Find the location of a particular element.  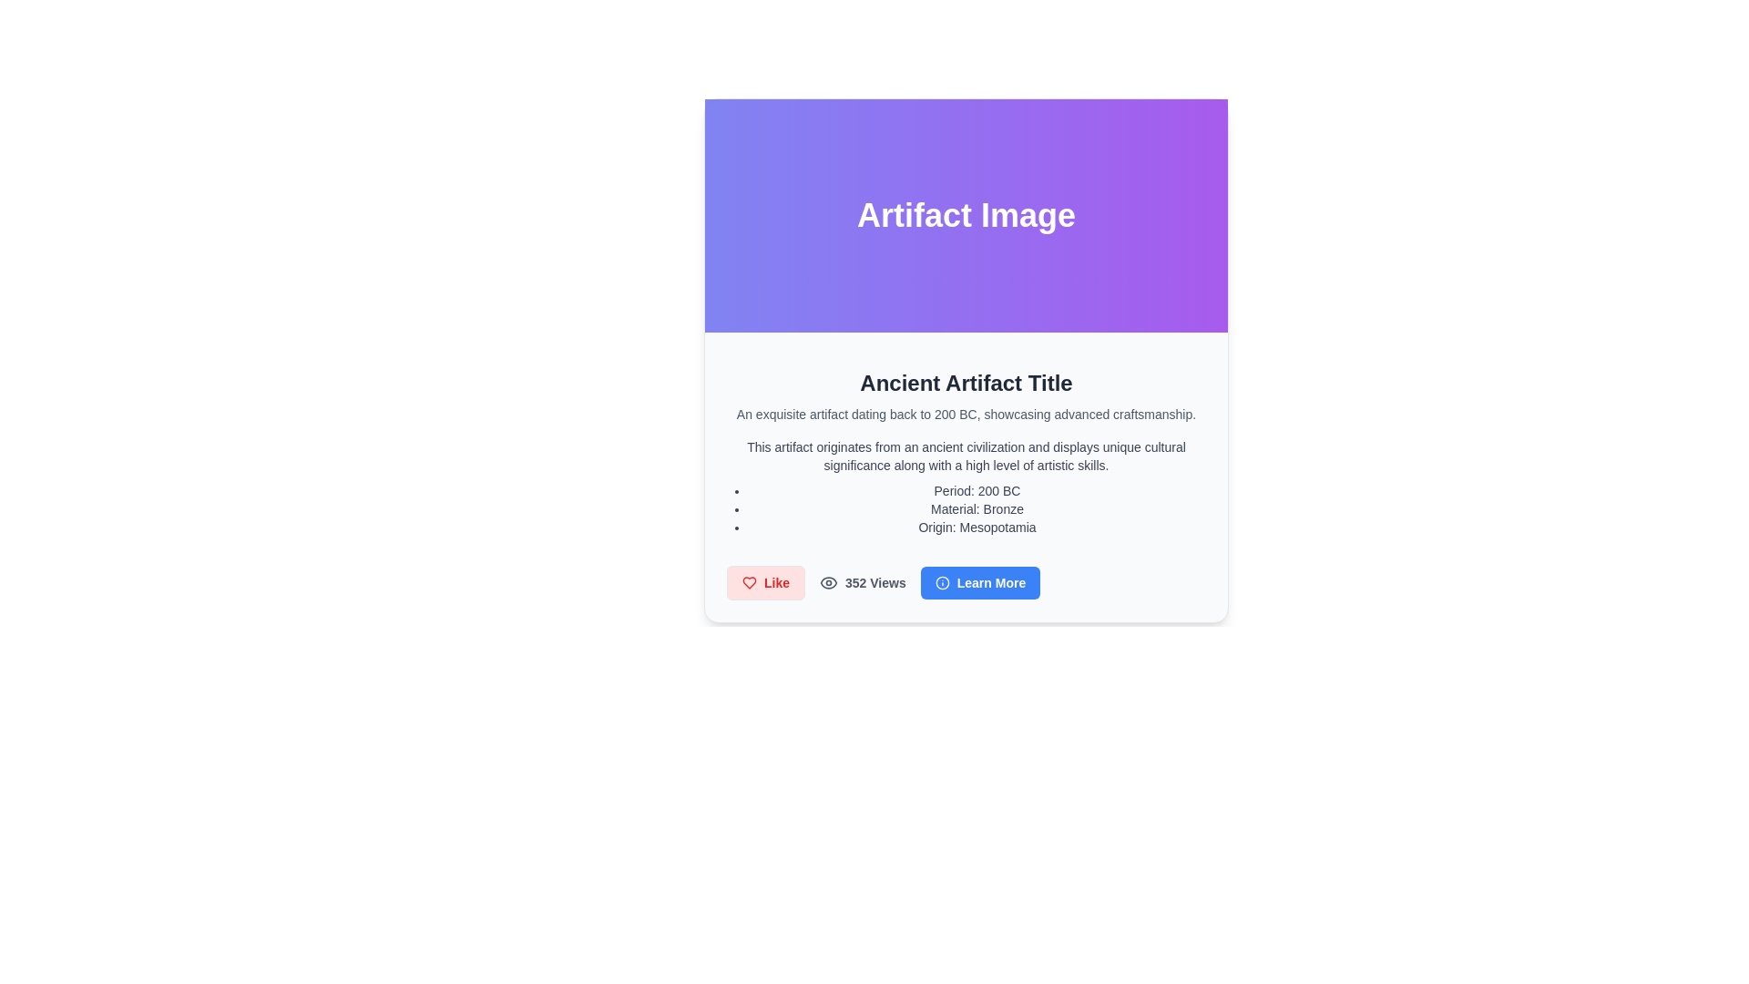

the heart icon representing the 'like' feature is located at coordinates (749, 583).